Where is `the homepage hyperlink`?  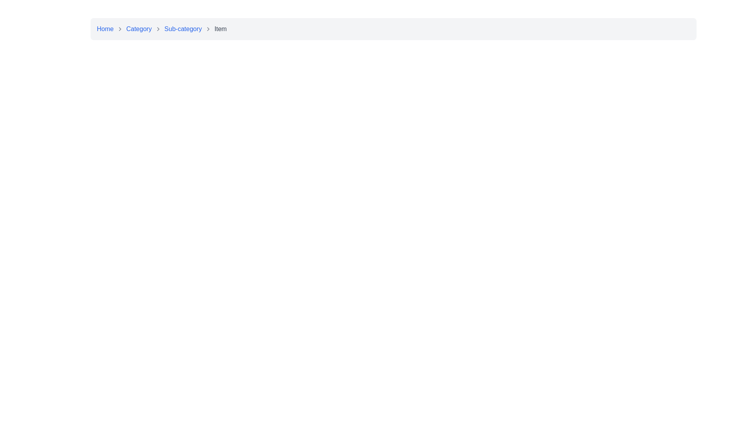
the homepage hyperlink is located at coordinates (105, 28).